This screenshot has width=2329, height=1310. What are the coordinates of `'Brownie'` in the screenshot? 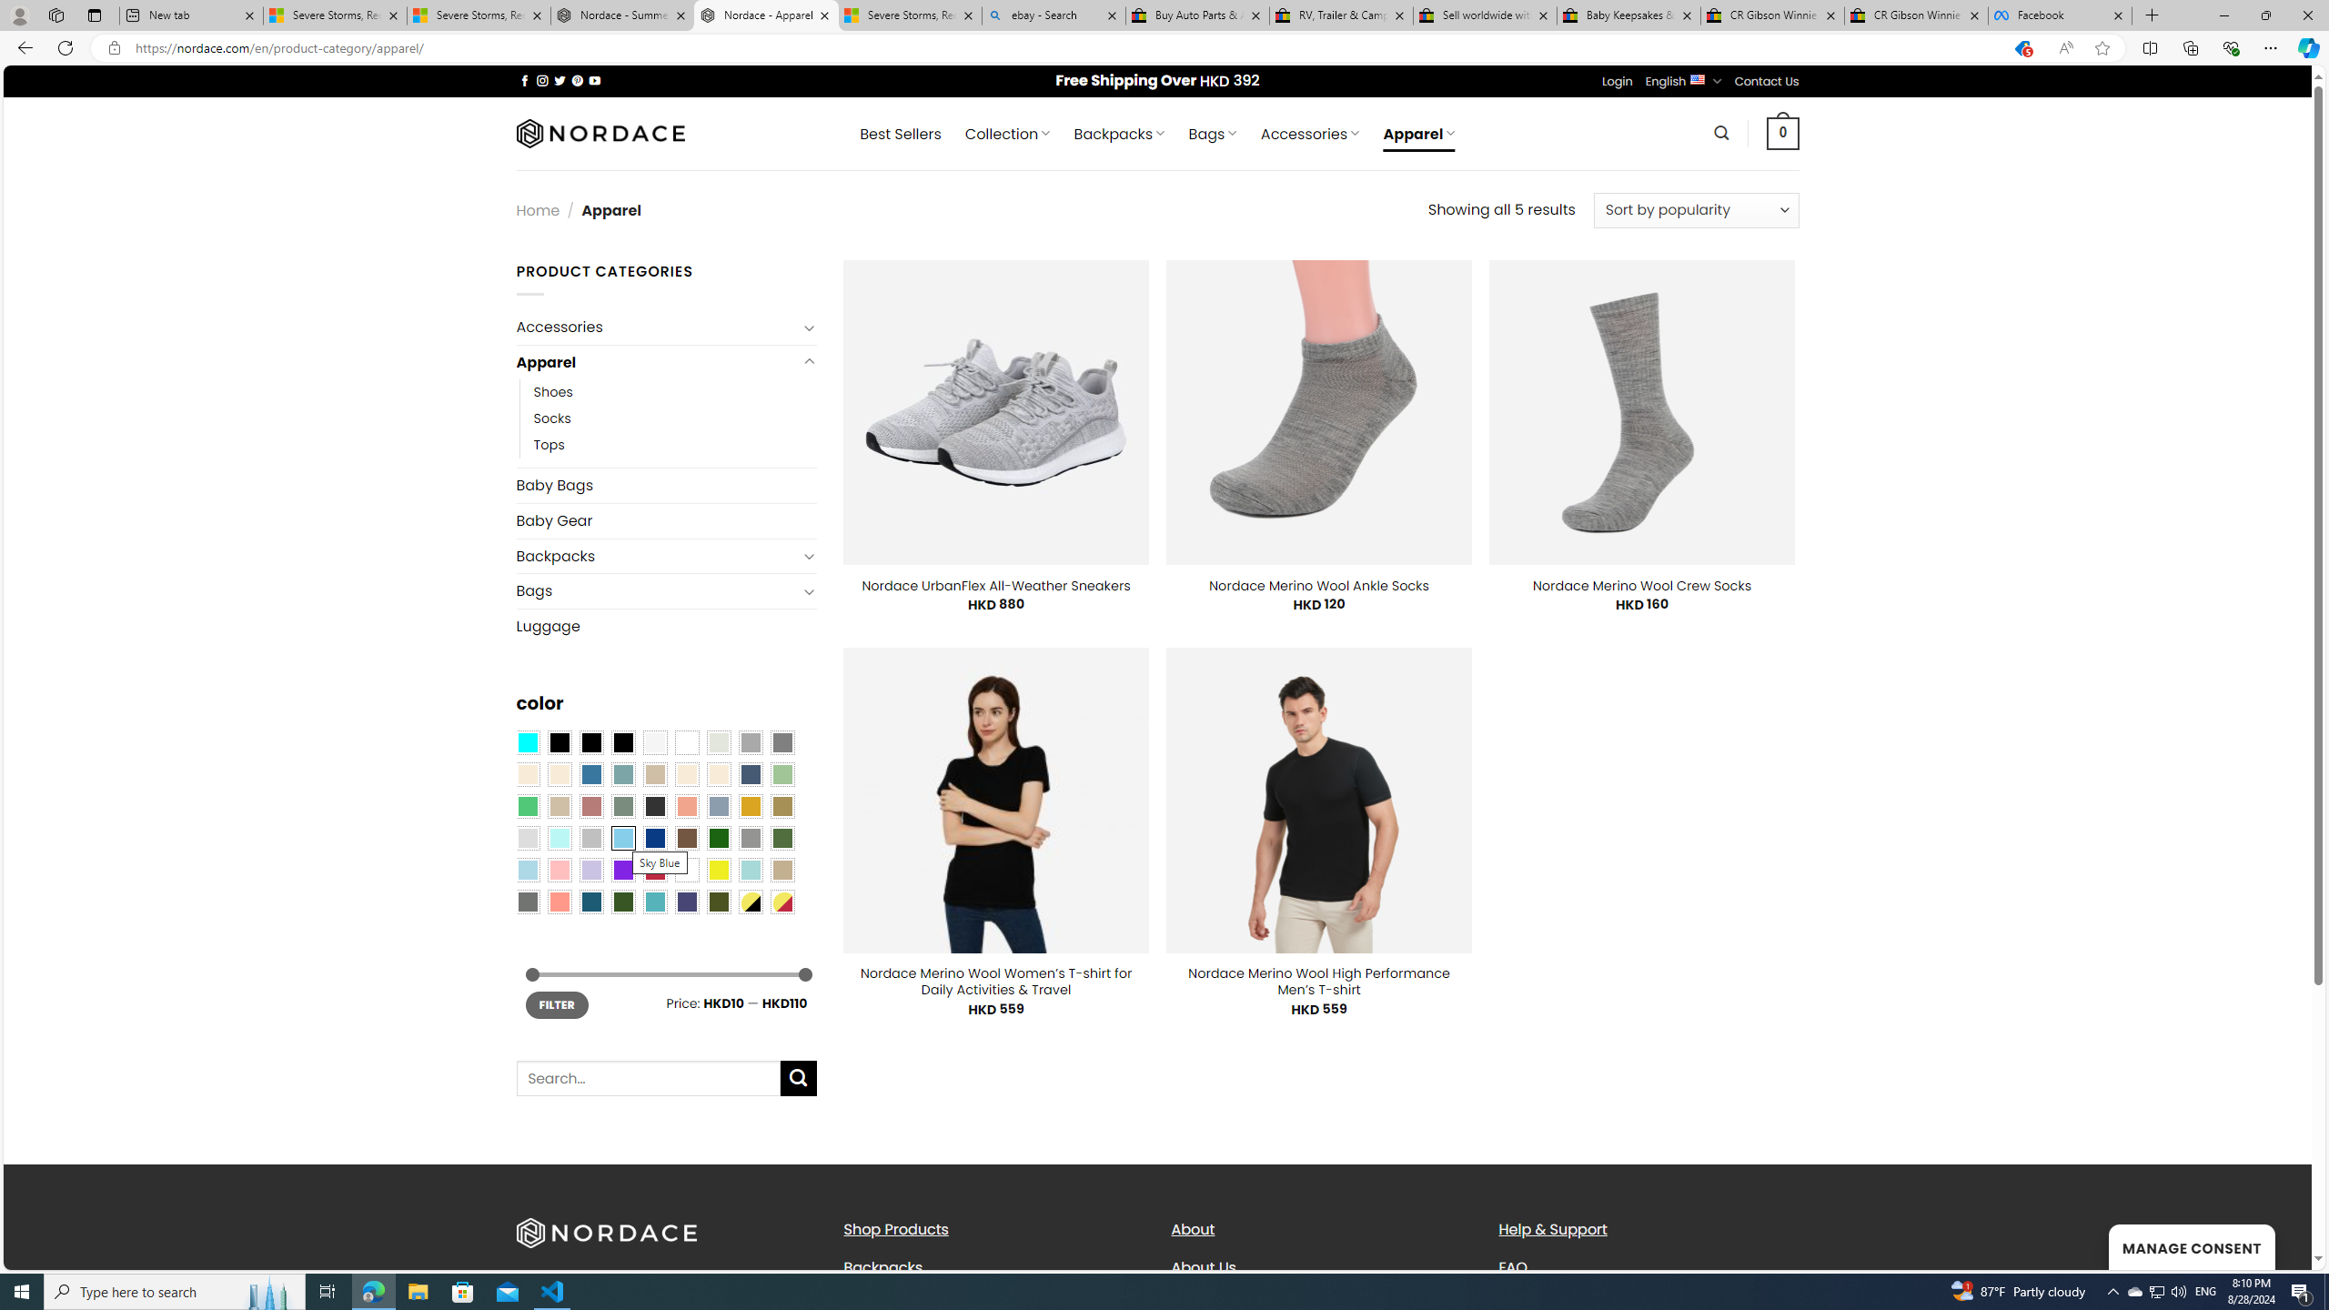 It's located at (653, 773).